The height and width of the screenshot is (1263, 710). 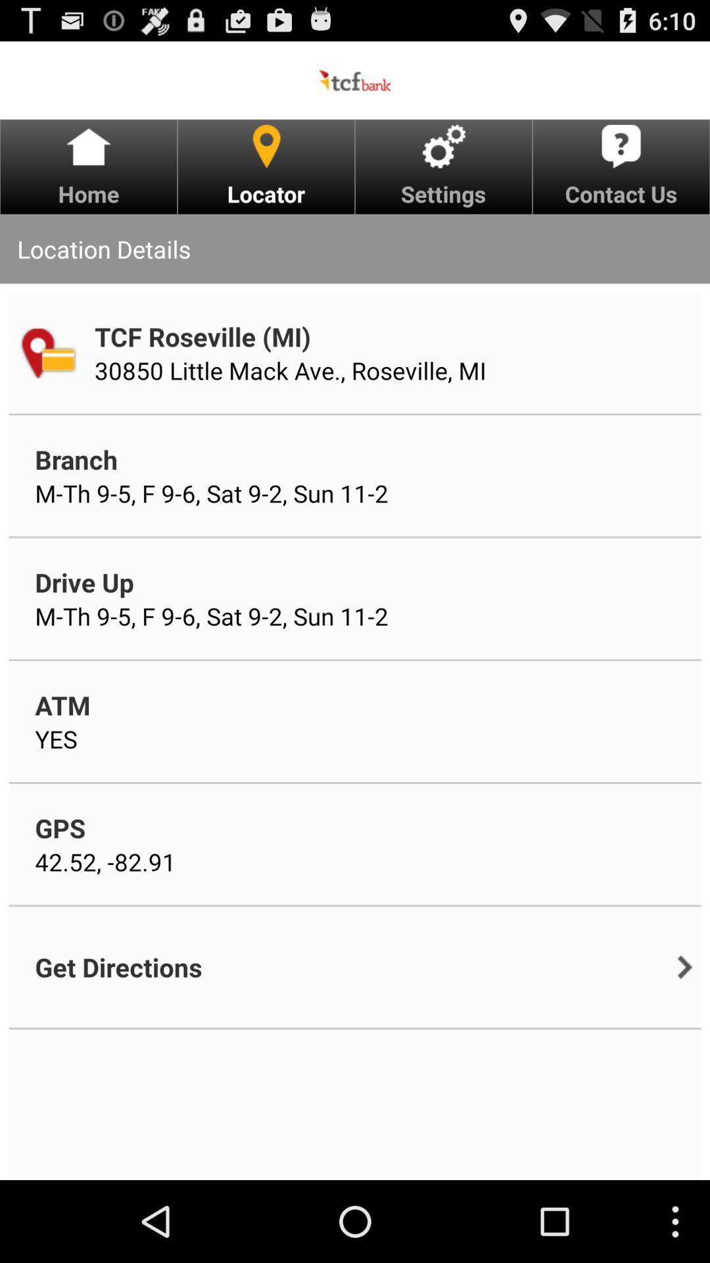 What do you see at coordinates (118, 967) in the screenshot?
I see `app below 42 52 82 icon` at bounding box center [118, 967].